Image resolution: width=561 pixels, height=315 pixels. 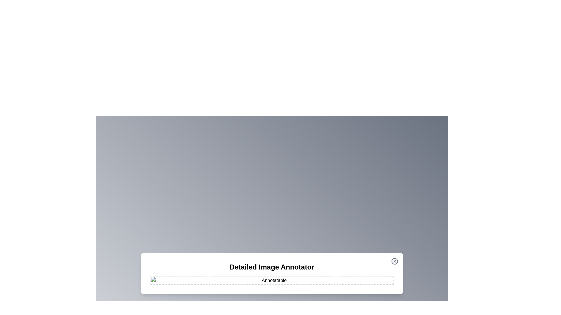 I want to click on the image at coordinates (1249, 958) to add an annotation, so click(x=364, y=279).